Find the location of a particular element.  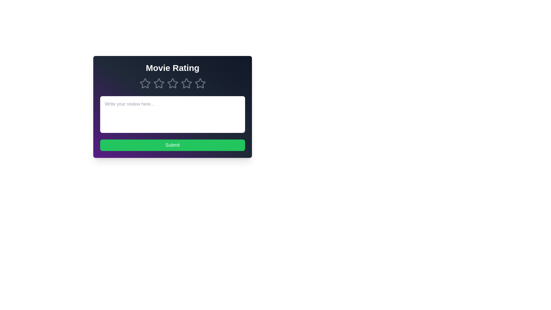

the star corresponding to 2 stars to preview the rating is located at coordinates (159, 83).